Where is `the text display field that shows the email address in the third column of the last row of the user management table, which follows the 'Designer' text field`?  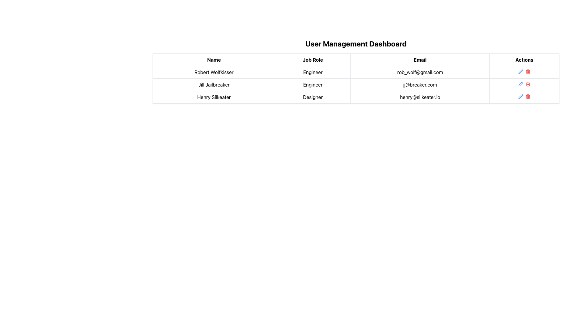
the text display field that shows the email address in the third column of the last row of the user management table, which follows the 'Designer' text field is located at coordinates (420, 97).